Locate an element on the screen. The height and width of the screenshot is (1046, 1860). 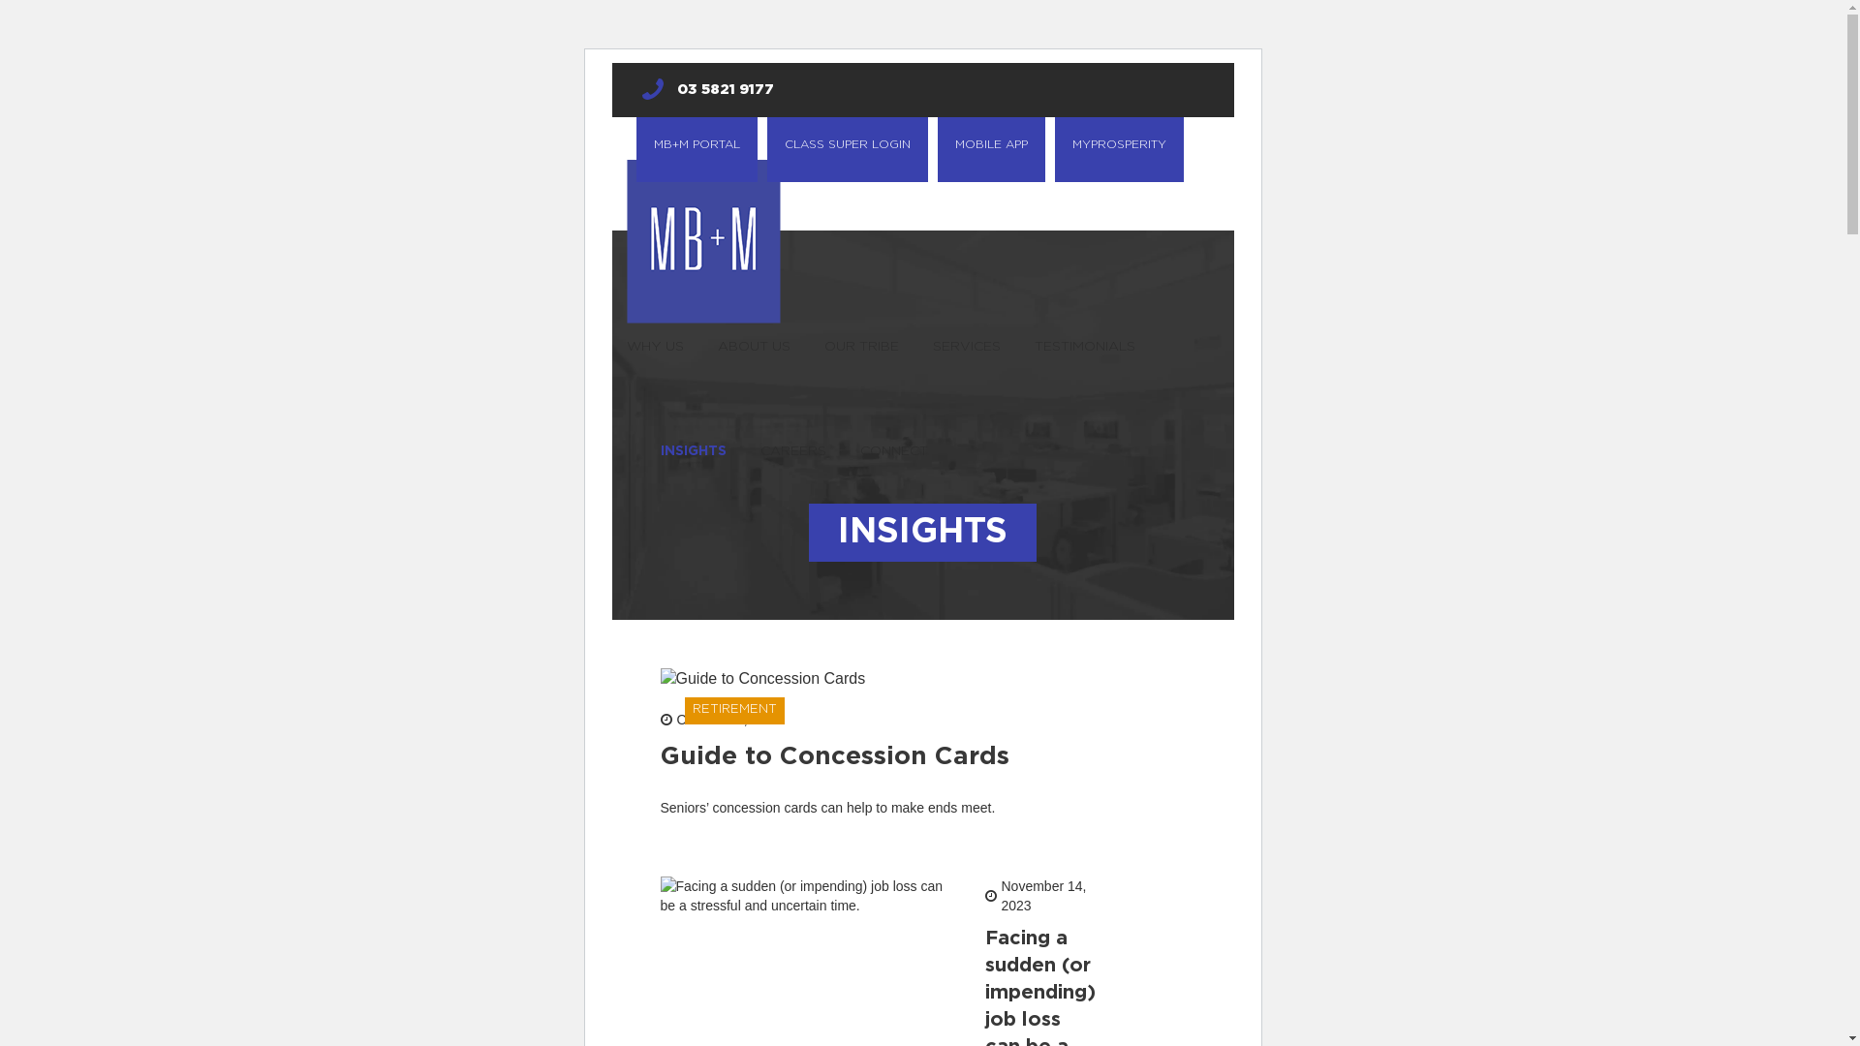
'Guide to Concession Cards' is located at coordinates (835, 754).